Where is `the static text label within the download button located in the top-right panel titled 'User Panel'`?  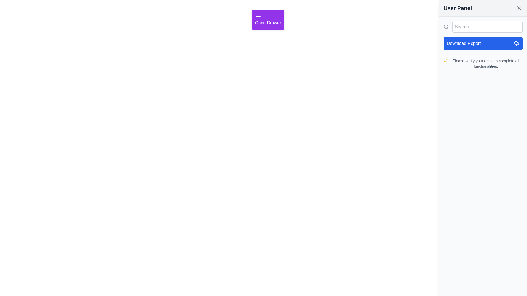 the static text label within the download button located in the top-right panel titled 'User Panel' is located at coordinates (463, 43).